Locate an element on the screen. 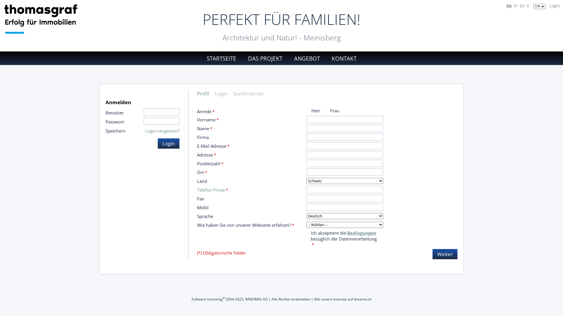 This screenshot has width=563, height=316. 'Profil' is located at coordinates (206, 93).